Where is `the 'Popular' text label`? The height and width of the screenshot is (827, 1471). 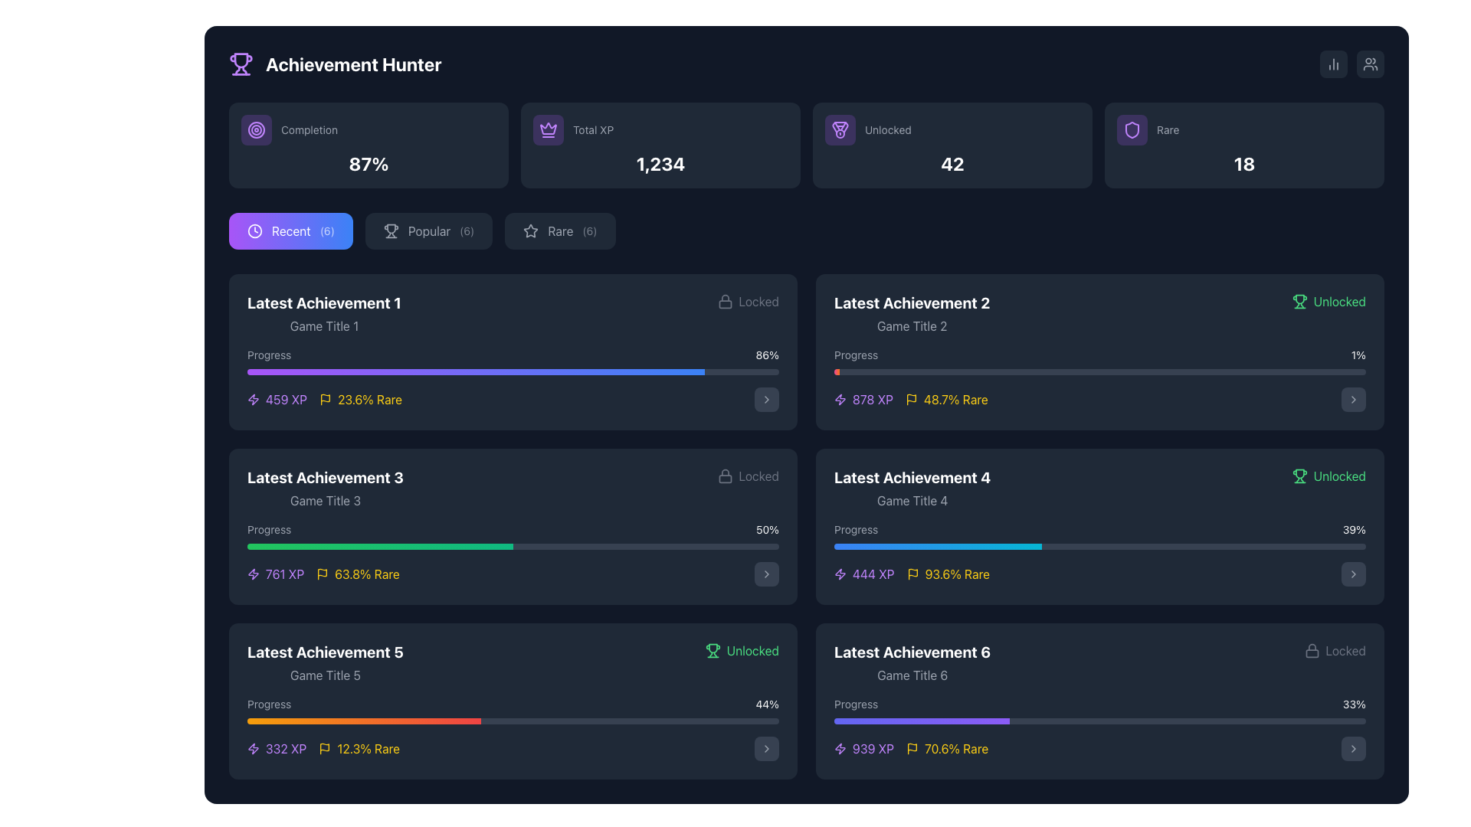
the 'Popular' text label is located at coordinates (429, 230).